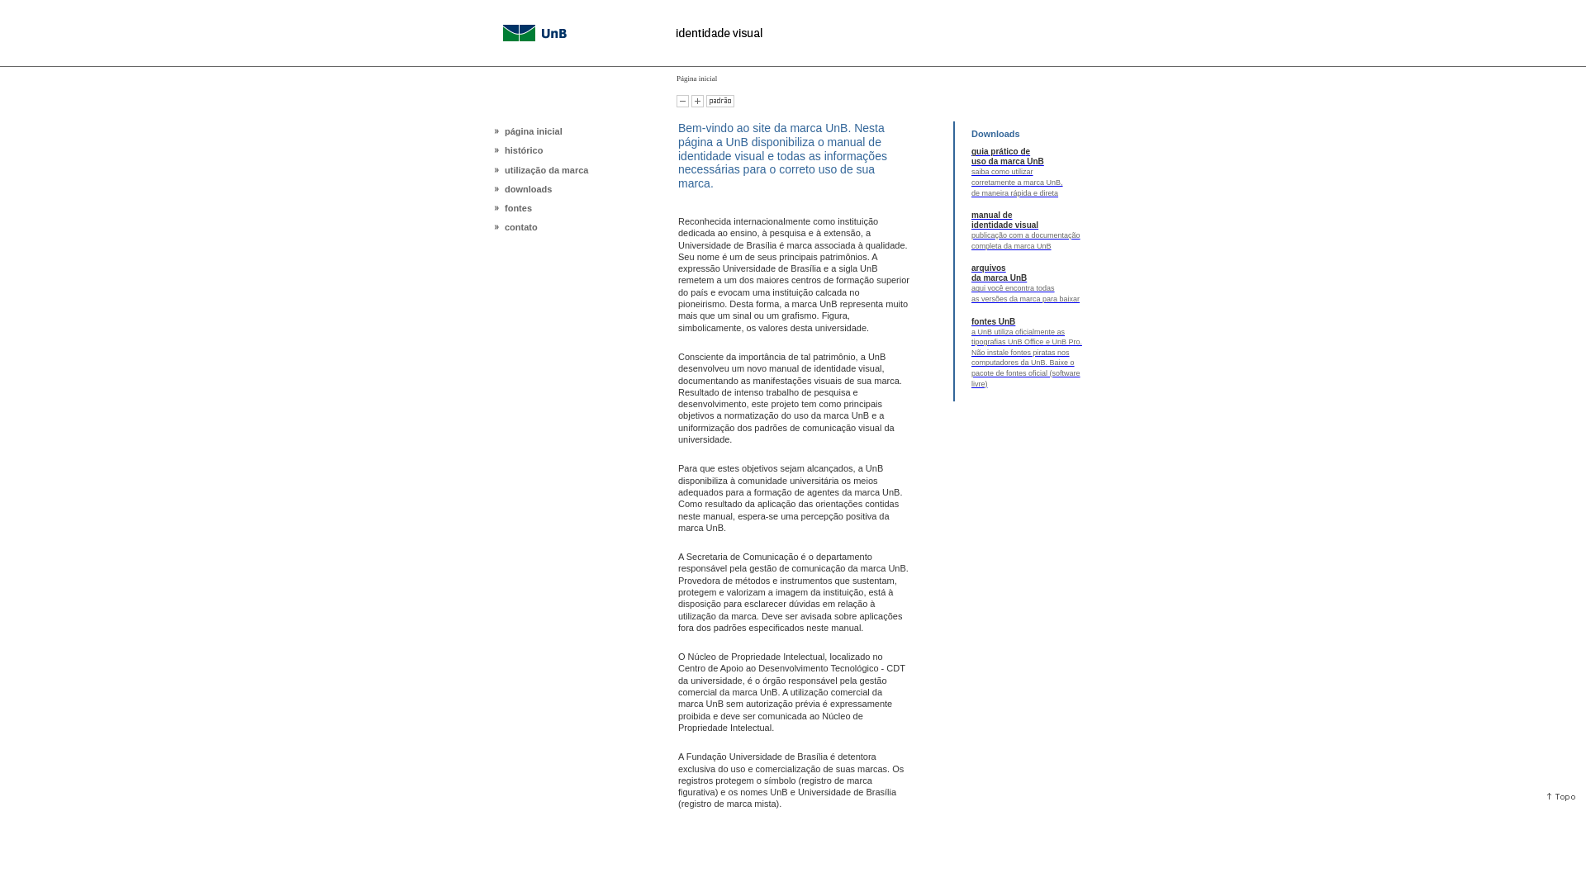 The height and width of the screenshot is (892, 1586). I want to click on 'downloads', so click(550, 187).